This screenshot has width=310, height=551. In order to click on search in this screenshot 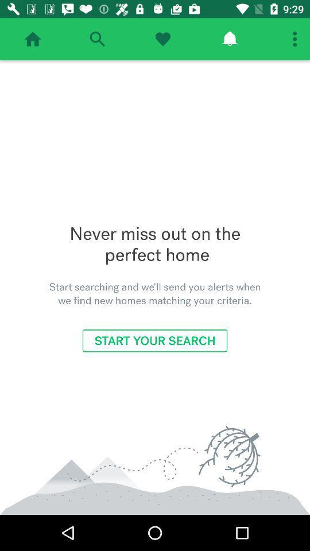, I will do `click(96, 39)`.